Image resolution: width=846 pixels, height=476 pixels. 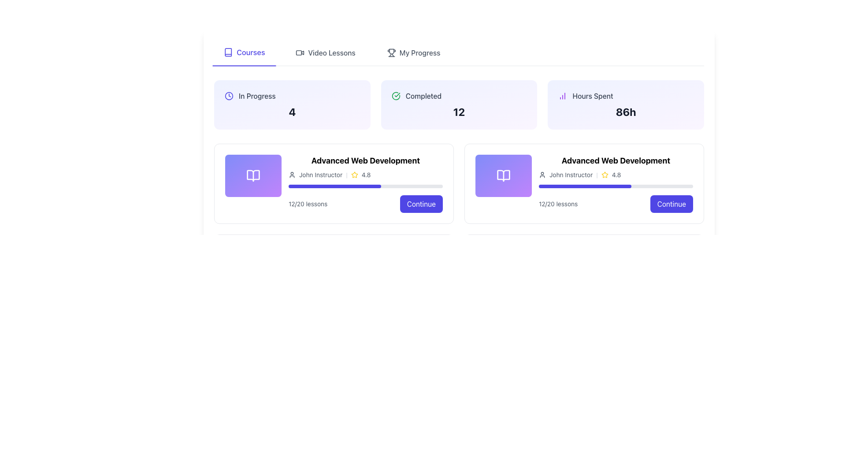 I want to click on the star-shaped icon with a yellow fill located in the rating section next to the instructor's name and rating number (4.8) for the course 'Advanced Web Development', so click(x=354, y=175).